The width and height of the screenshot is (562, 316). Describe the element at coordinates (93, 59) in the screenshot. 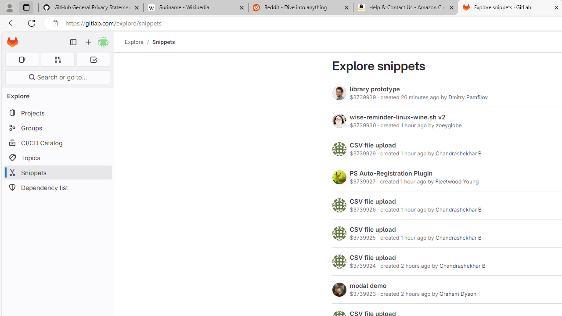

I see `'To-Do list 0'` at that location.